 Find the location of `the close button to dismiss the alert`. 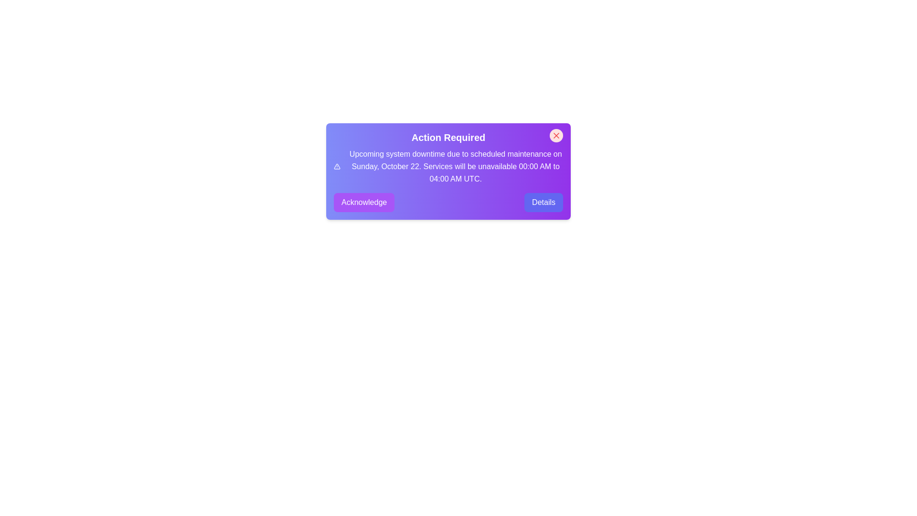

the close button to dismiss the alert is located at coordinates (556, 136).